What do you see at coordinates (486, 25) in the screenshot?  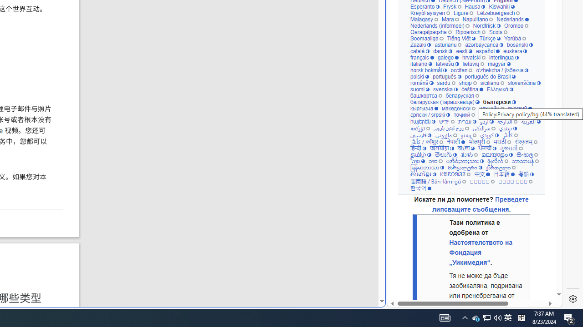 I see `'Nordfriisk'` at bounding box center [486, 25].